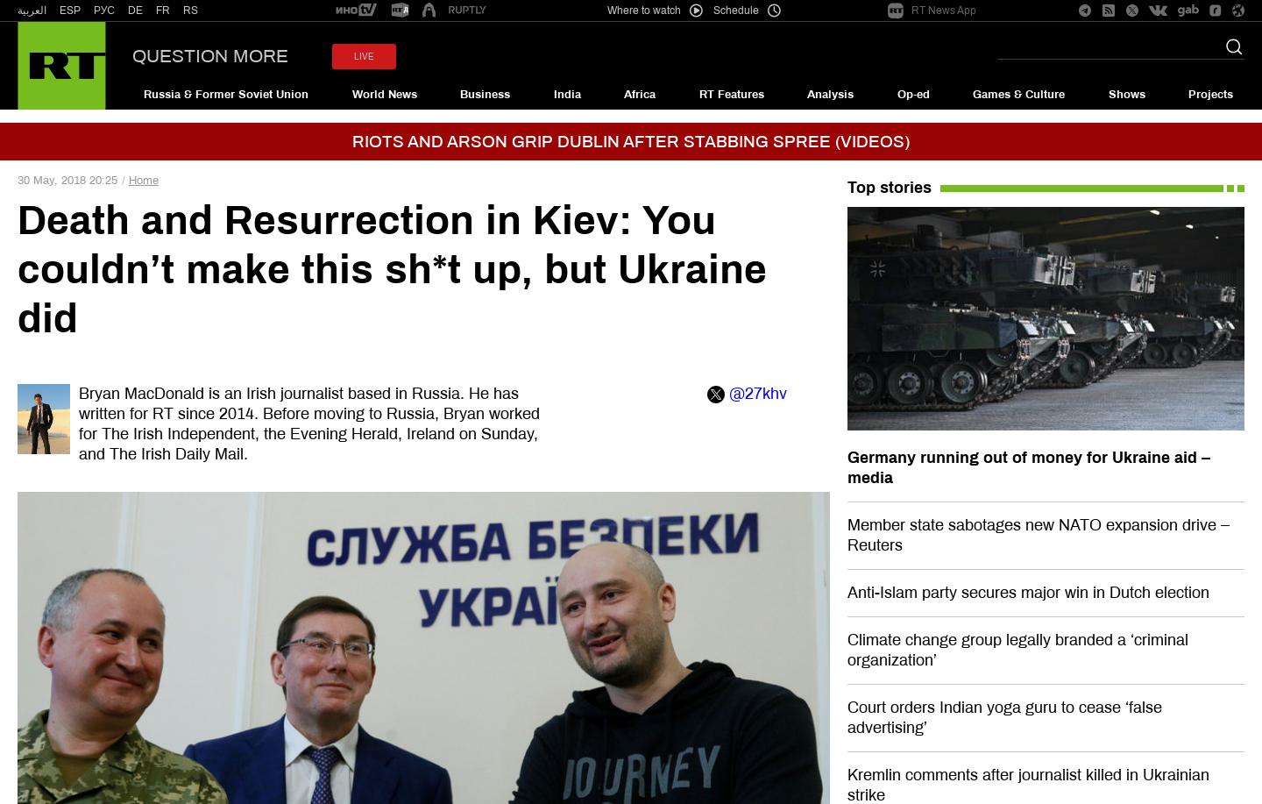 Image resolution: width=1262 pixels, height=804 pixels. What do you see at coordinates (1028, 467) in the screenshot?
I see `'Germany running out of money for Ukraine aid – media'` at bounding box center [1028, 467].